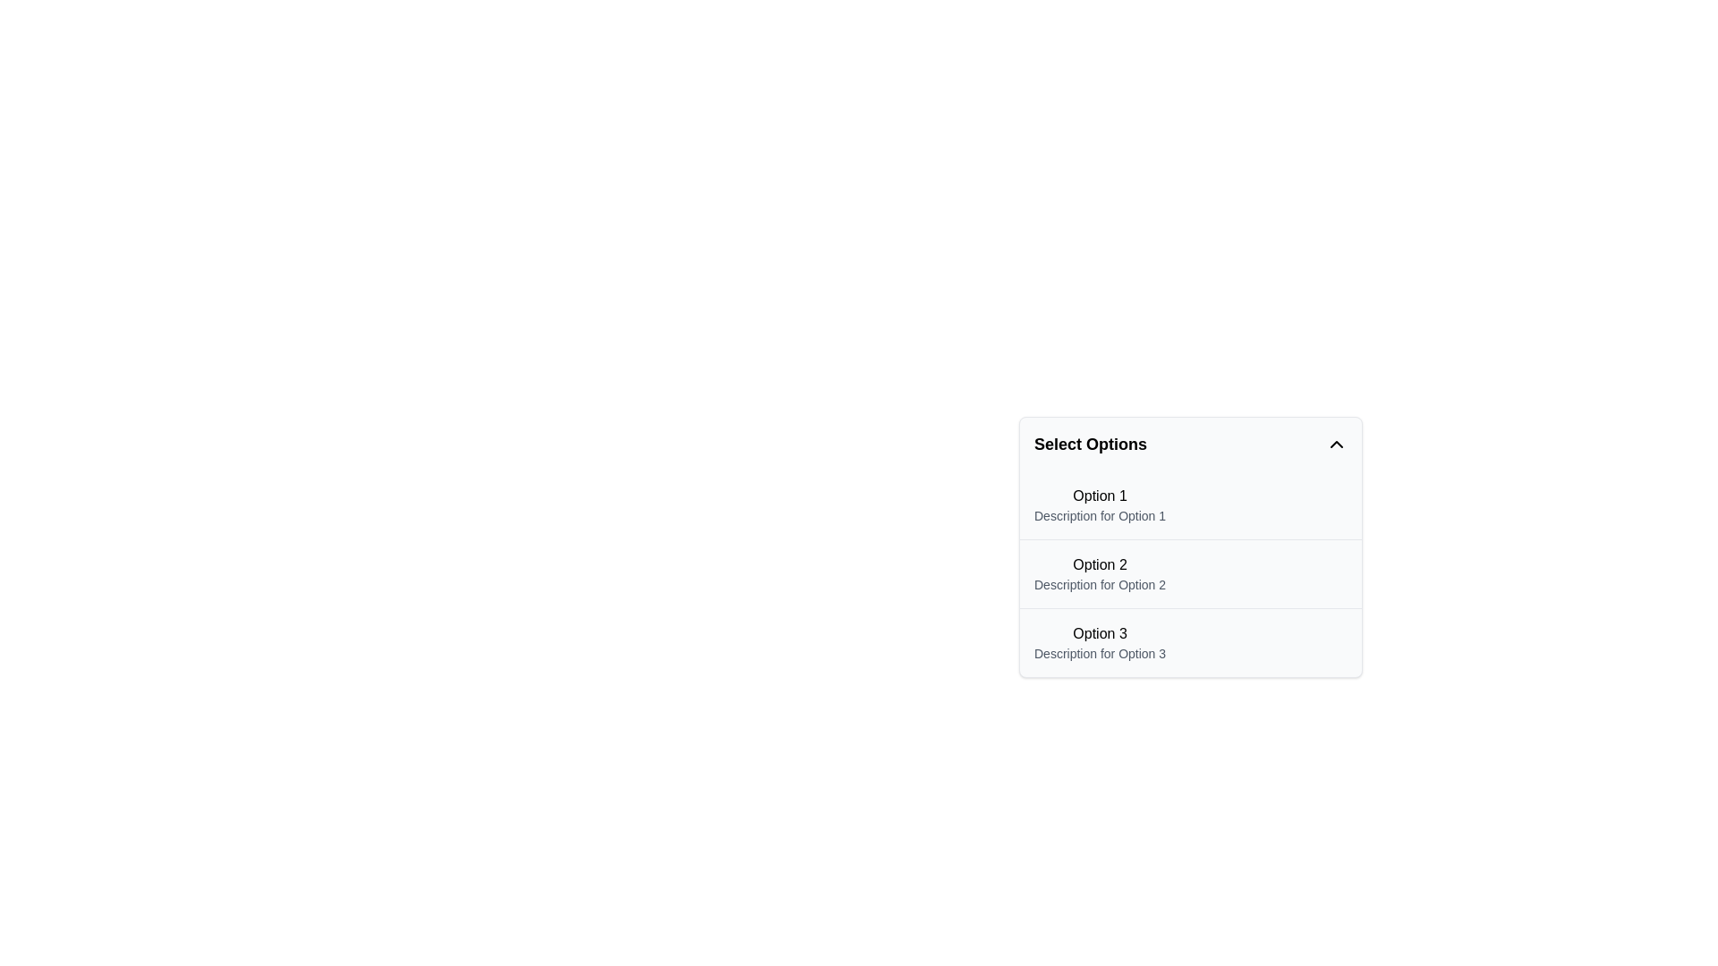  Describe the element at coordinates (1099, 496) in the screenshot. I see `the 'Option 1' text label, which is the uppermost text in the dropdown menu titled 'Select Options.'` at that location.